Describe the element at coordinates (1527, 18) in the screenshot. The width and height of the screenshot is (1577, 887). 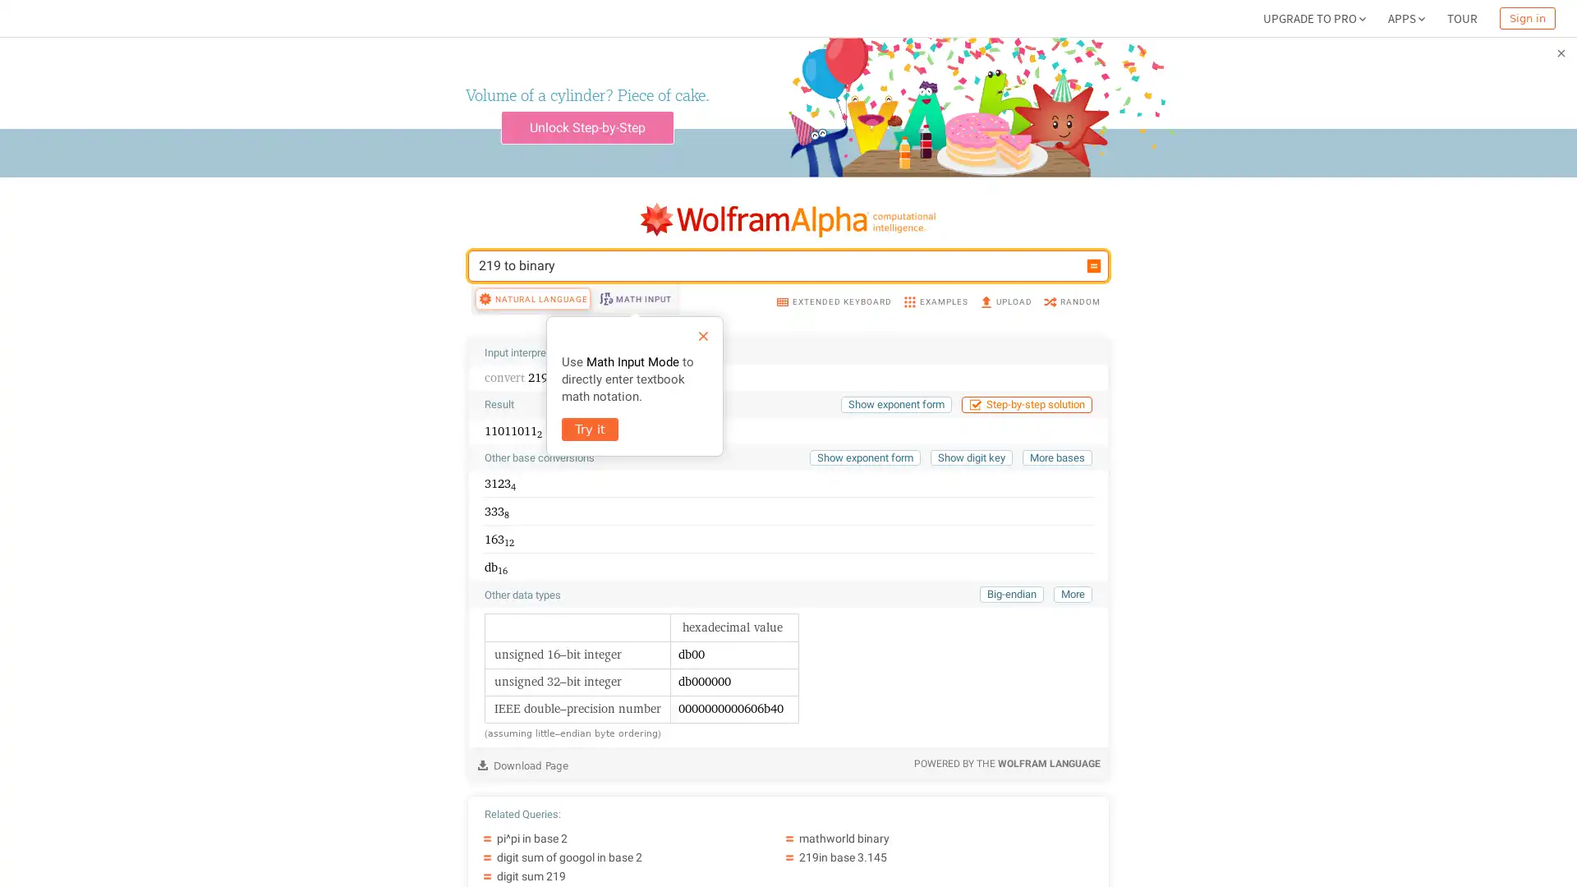
I see `Sign in` at that location.